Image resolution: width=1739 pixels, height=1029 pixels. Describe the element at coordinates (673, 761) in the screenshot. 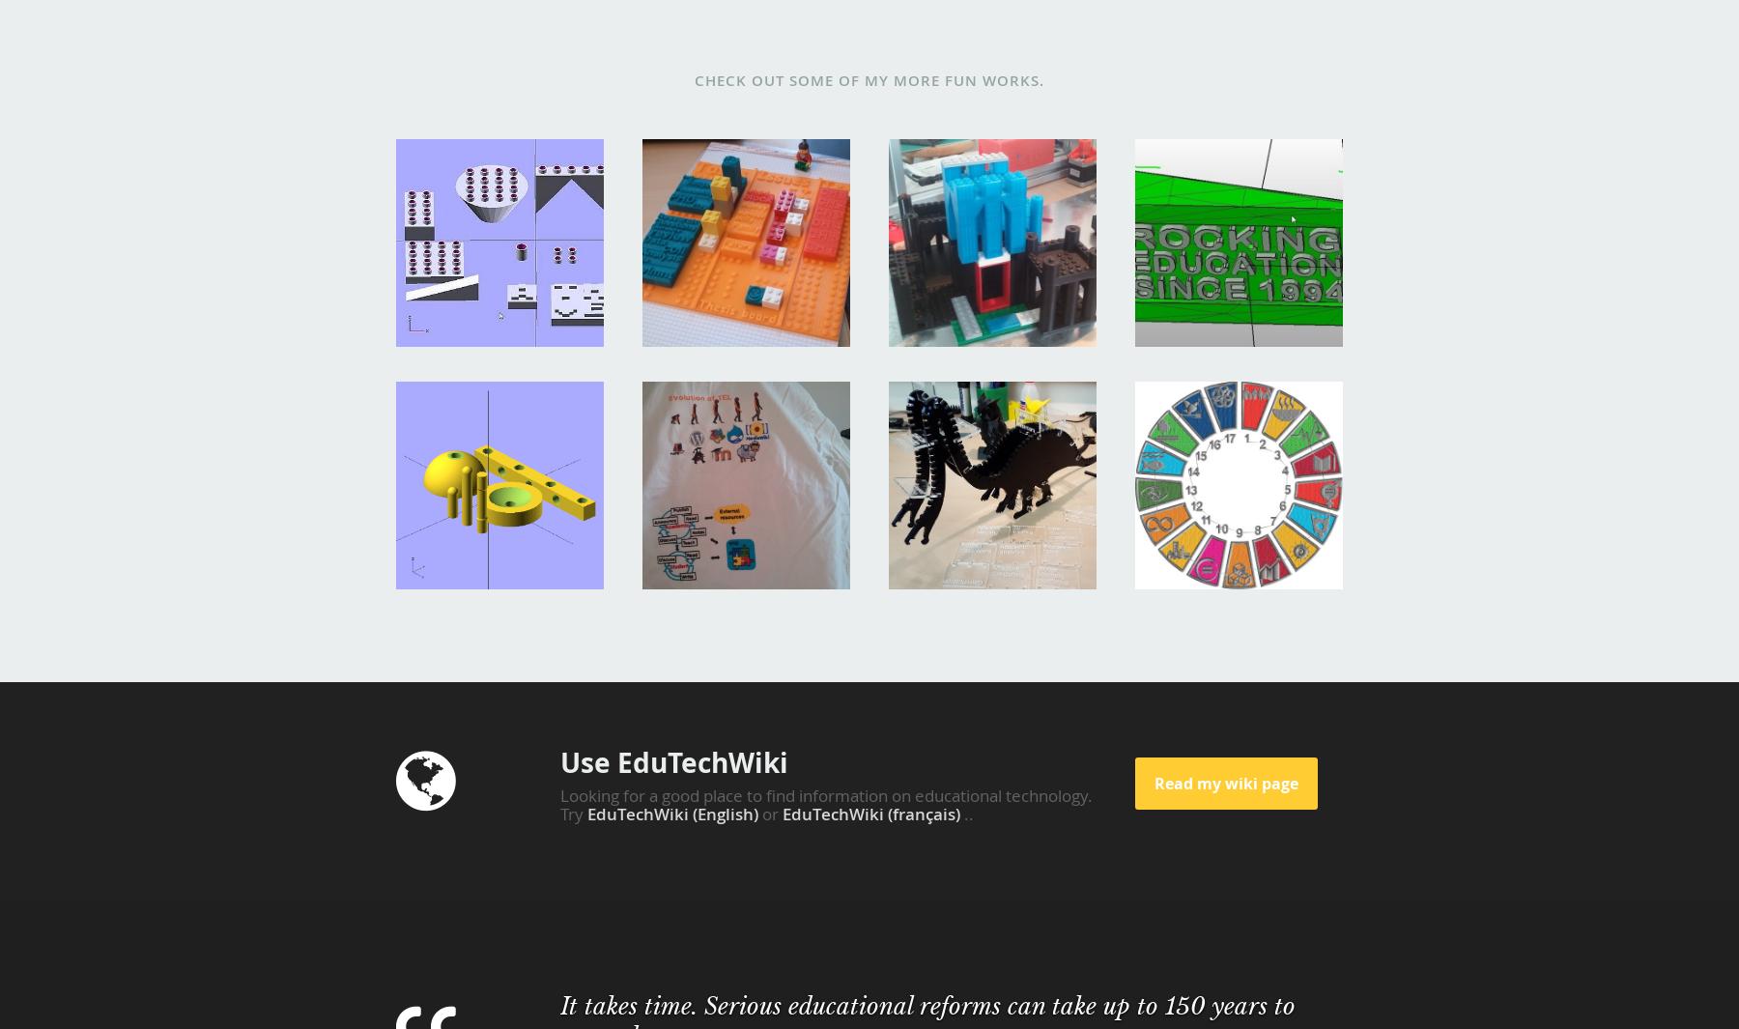

I see `'Use EduTechWiki'` at that location.